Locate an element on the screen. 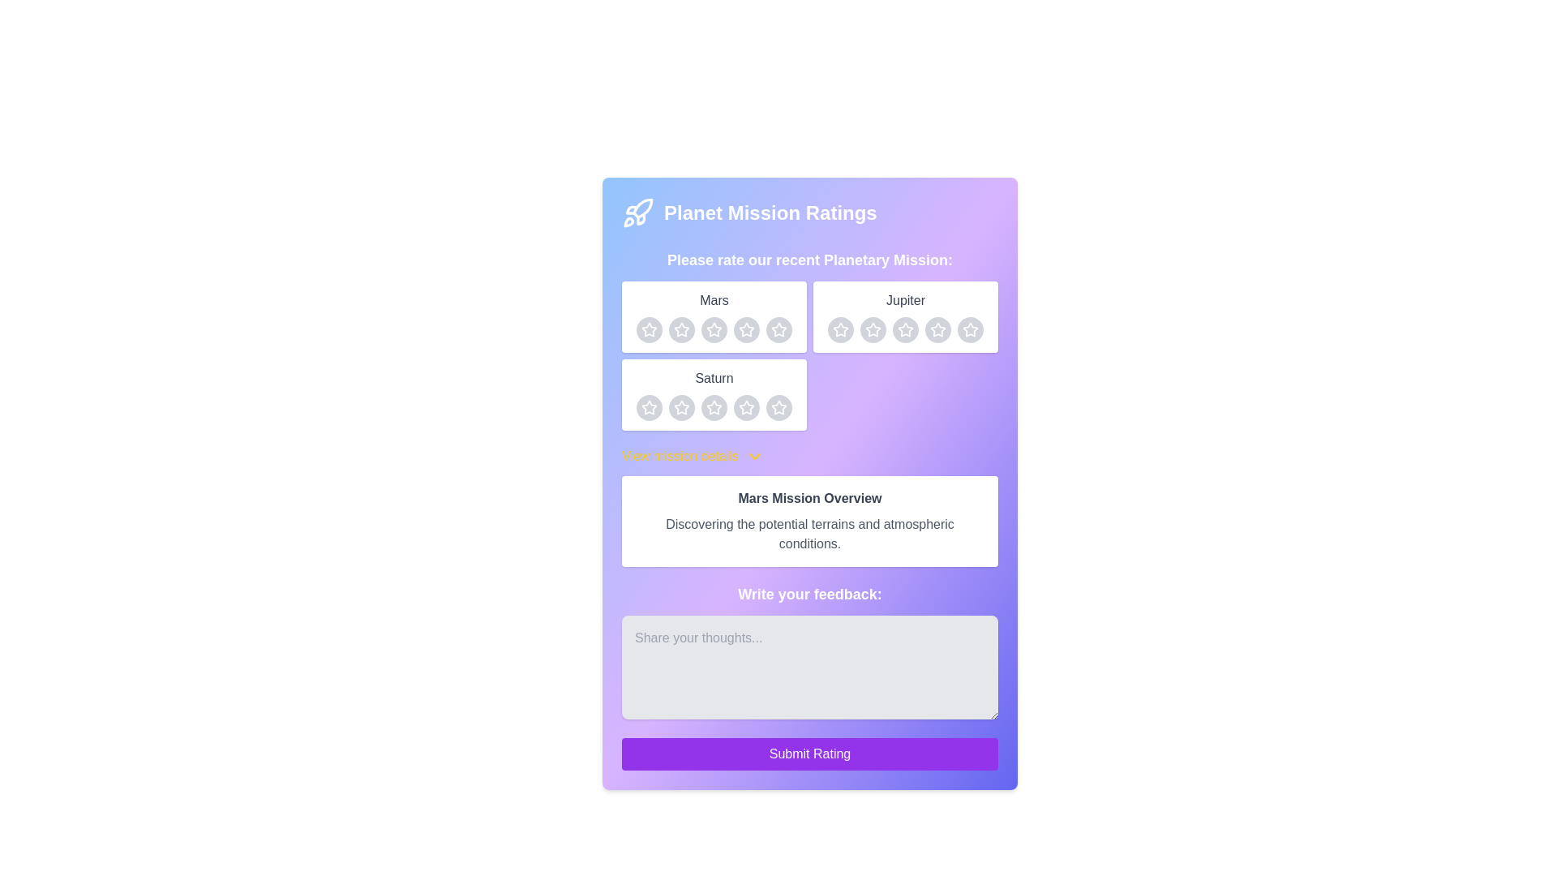  the third star icon in the five-star rating widget under the 'Mars' section to rate it is located at coordinates (778, 328).